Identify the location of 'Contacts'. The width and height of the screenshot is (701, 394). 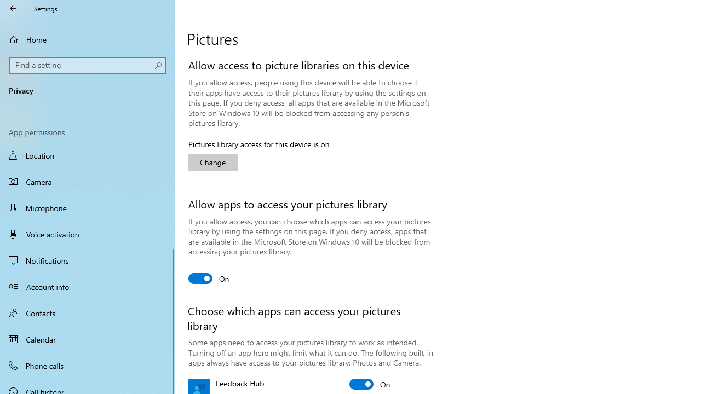
(88, 313).